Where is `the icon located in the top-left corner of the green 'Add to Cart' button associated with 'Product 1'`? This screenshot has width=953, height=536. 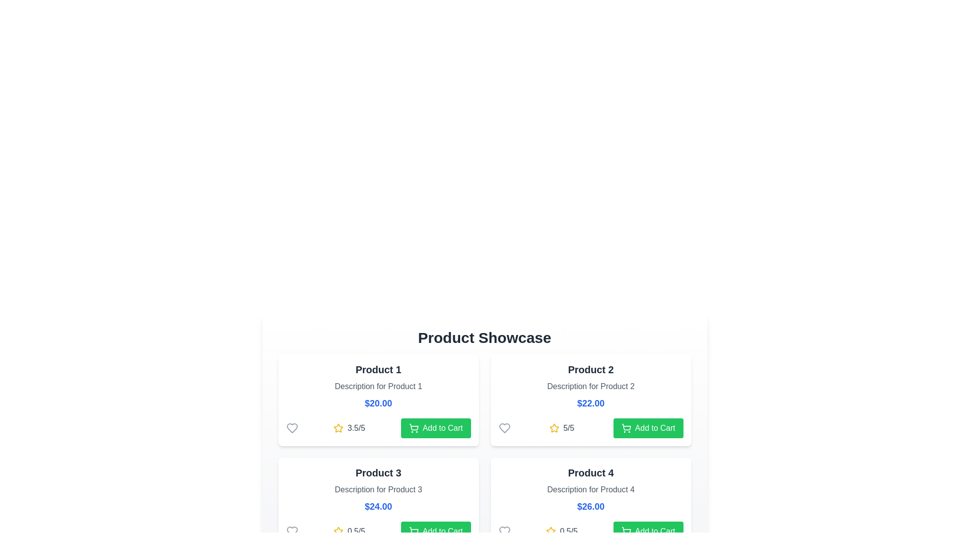 the icon located in the top-left corner of the green 'Add to Cart' button associated with 'Product 1' is located at coordinates (413, 428).